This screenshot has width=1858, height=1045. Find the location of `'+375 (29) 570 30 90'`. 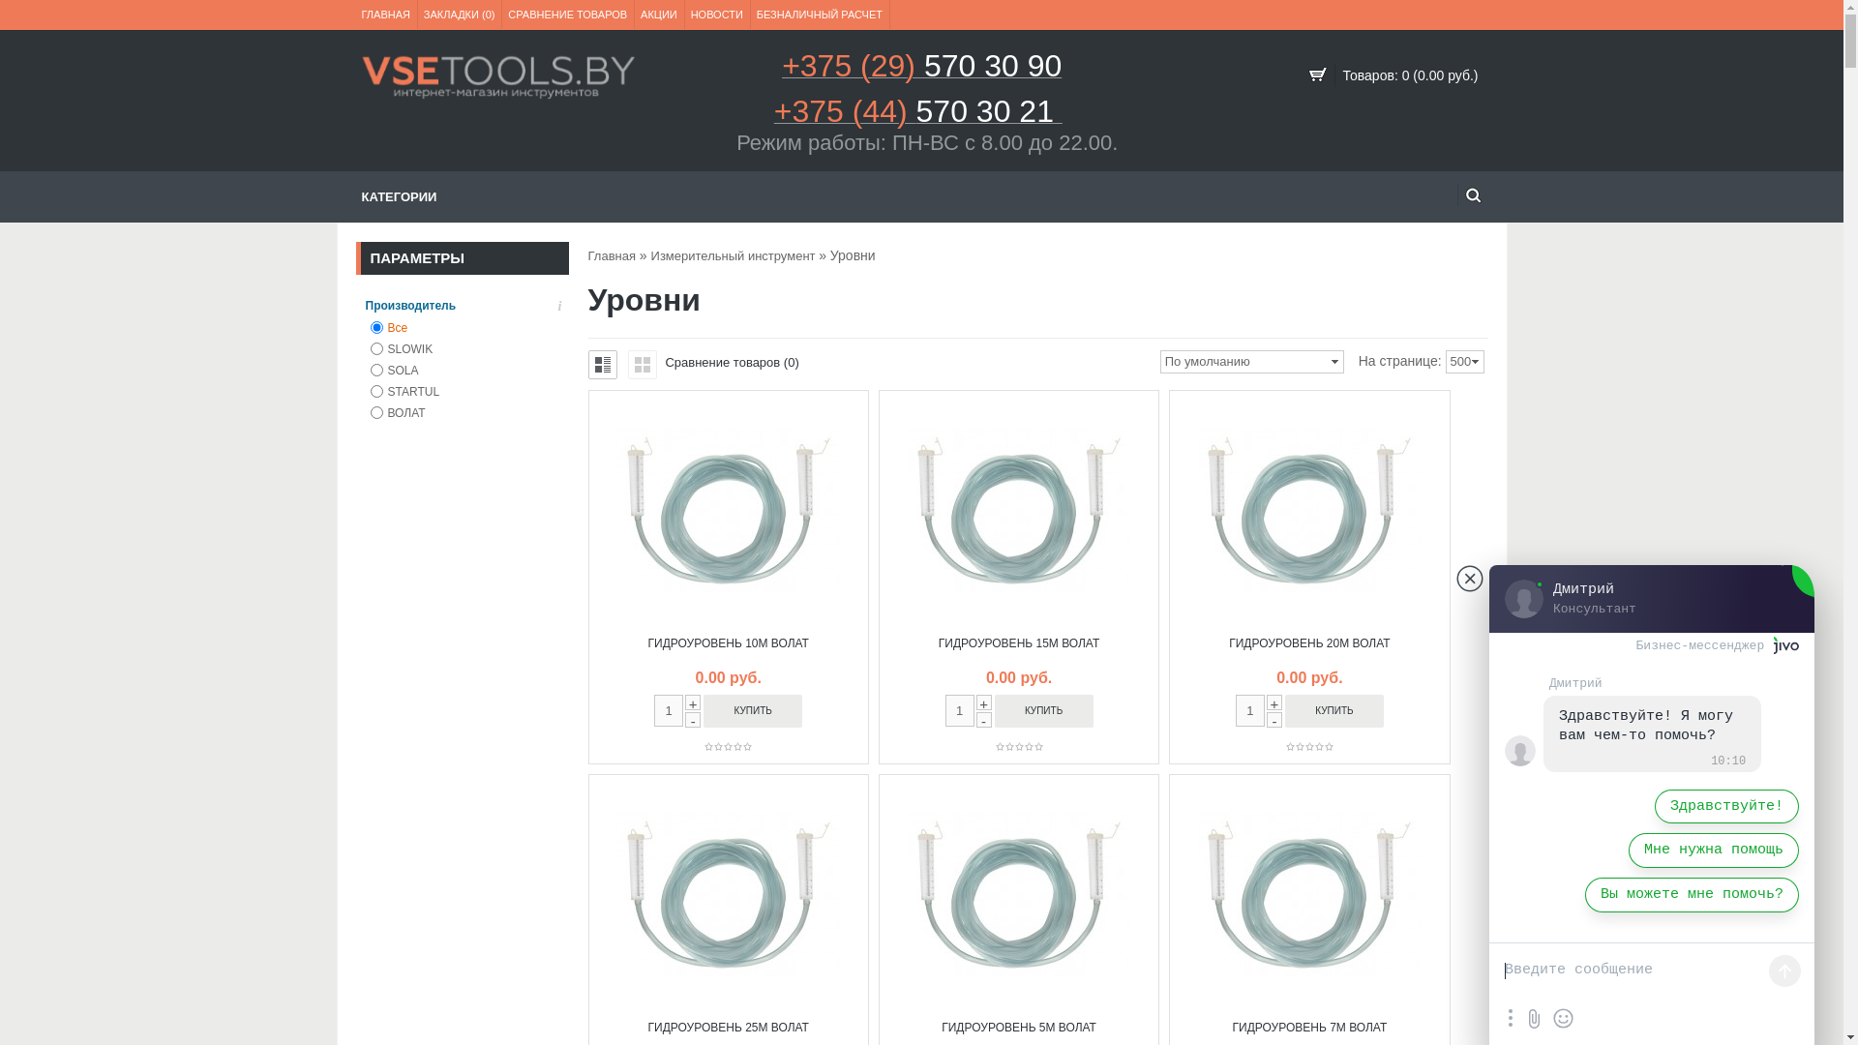

'+375 (29) 570 30 90' is located at coordinates (920, 71).